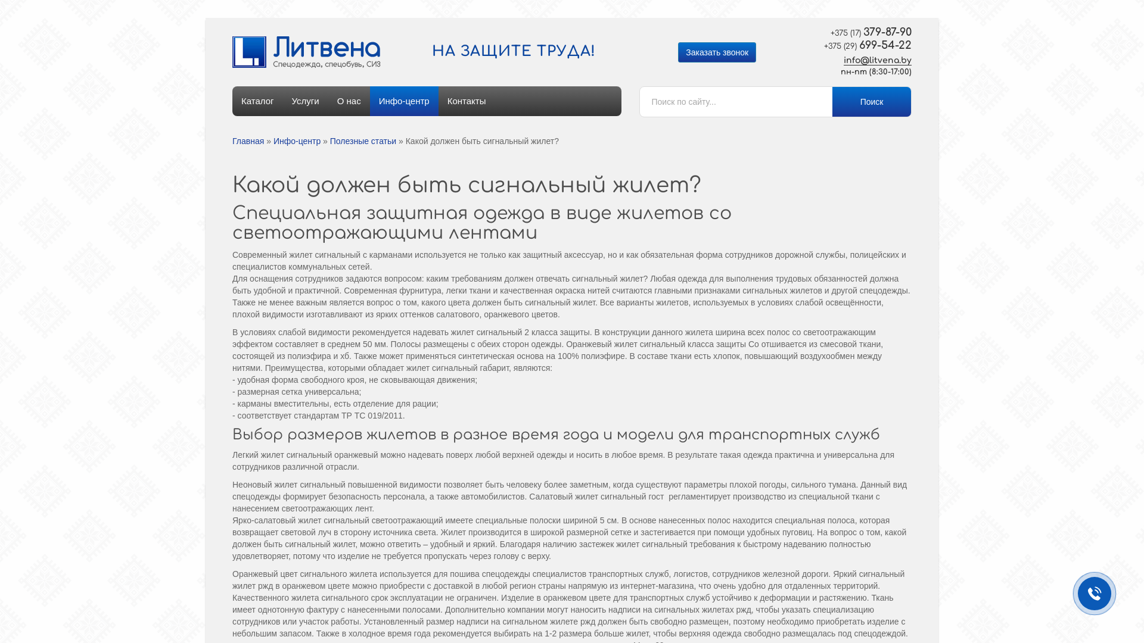 The width and height of the screenshot is (1144, 643). What do you see at coordinates (862, 45) in the screenshot?
I see `'+375 (29) 699-54-22'` at bounding box center [862, 45].